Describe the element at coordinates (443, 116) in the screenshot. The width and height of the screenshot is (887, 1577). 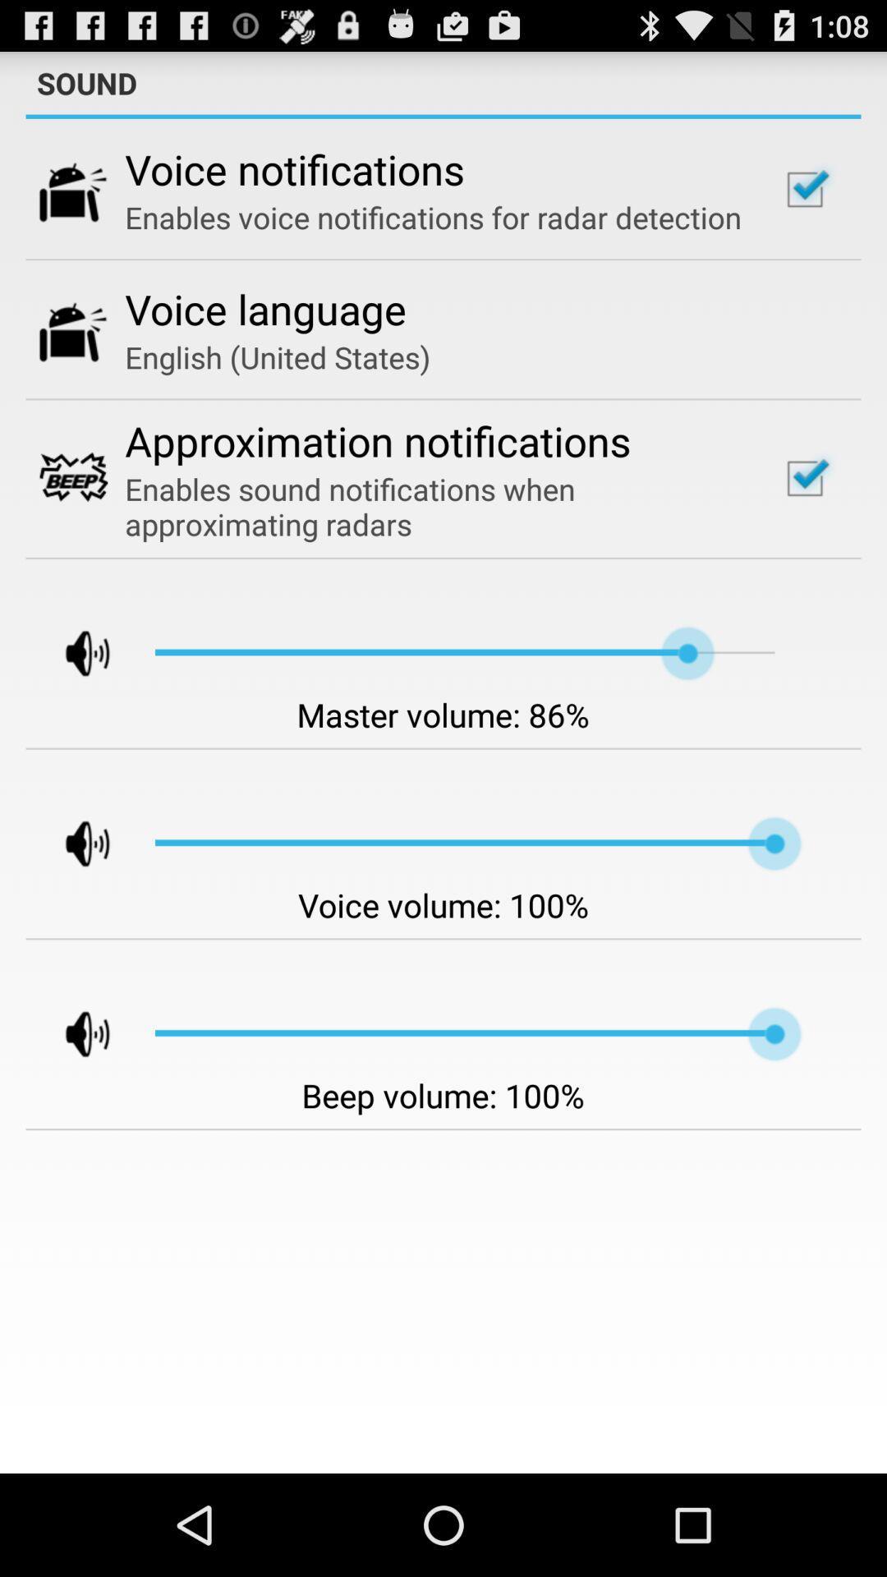
I see `app above the voice notifications app` at that location.